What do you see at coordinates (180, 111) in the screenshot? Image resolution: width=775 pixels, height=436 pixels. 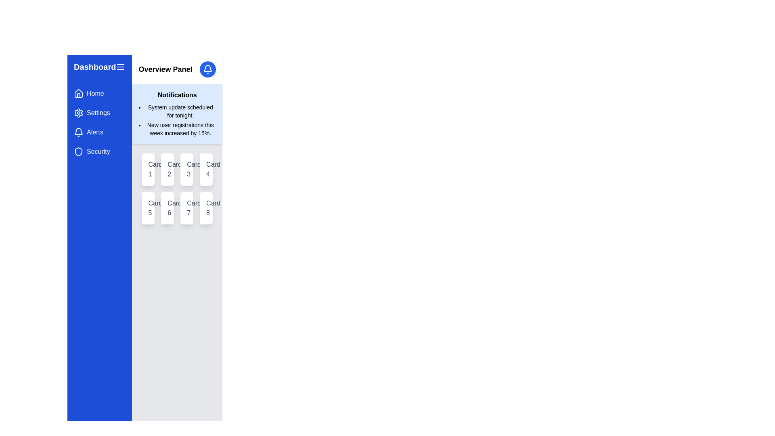 I see `the first item in the bulleted list located under the 'Notifications' header in the right panel of the interface` at bounding box center [180, 111].